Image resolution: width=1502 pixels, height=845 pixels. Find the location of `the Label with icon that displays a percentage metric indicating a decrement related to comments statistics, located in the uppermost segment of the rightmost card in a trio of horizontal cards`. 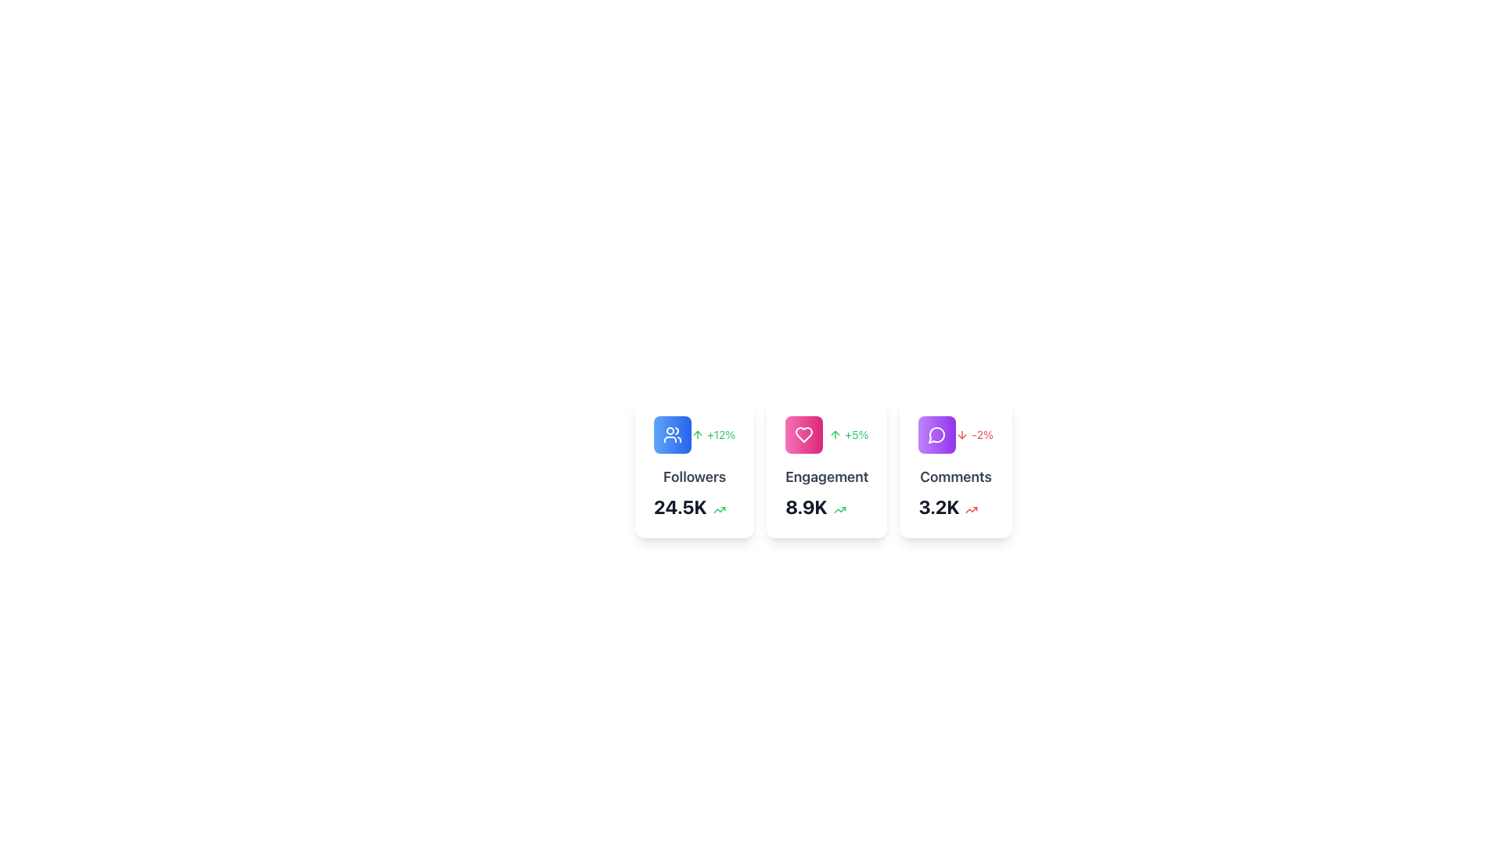

the Label with icon that displays a percentage metric indicating a decrement related to comments statistics, located in the uppermost segment of the rightmost card in a trio of horizontal cards is located at coordinates (955, 434).